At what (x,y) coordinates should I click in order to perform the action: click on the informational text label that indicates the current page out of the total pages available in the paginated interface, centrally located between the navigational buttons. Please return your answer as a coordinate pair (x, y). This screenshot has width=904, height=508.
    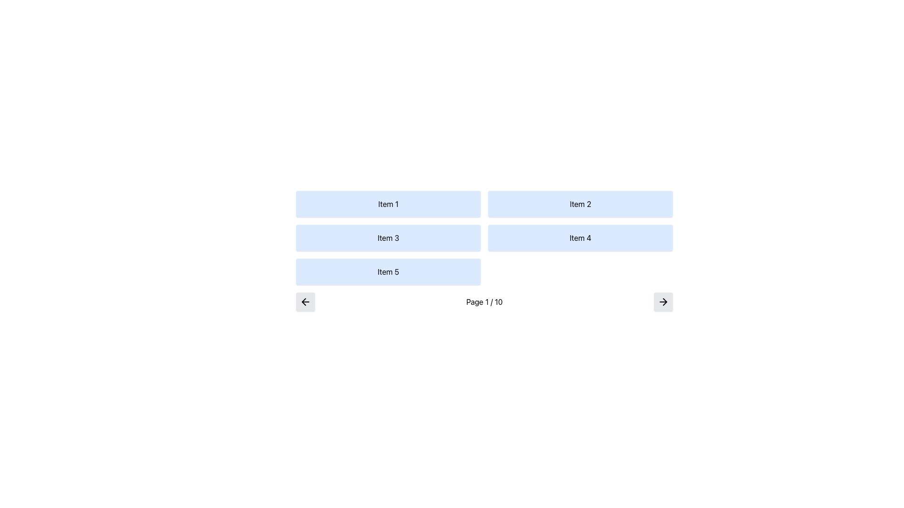
    Looking at the image, I should click on (484, 302).